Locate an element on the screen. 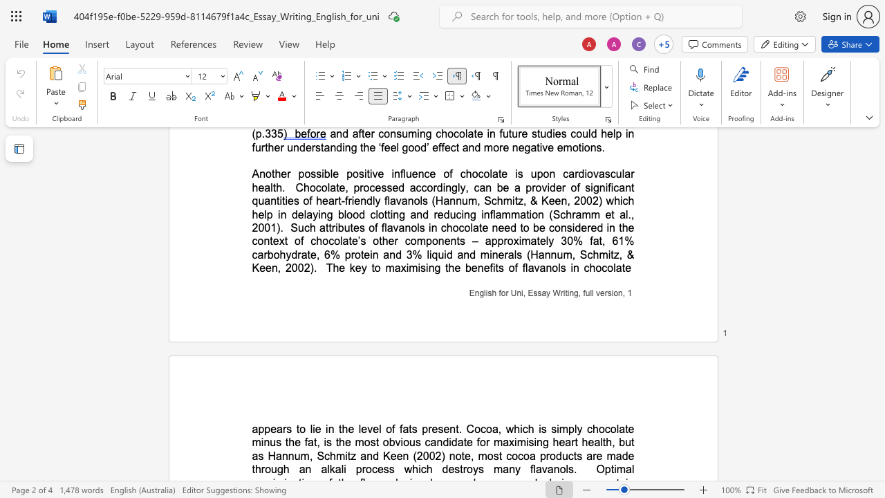  the space between the continuous character "a" and "d" in the text is located at coordinates (621, 456).